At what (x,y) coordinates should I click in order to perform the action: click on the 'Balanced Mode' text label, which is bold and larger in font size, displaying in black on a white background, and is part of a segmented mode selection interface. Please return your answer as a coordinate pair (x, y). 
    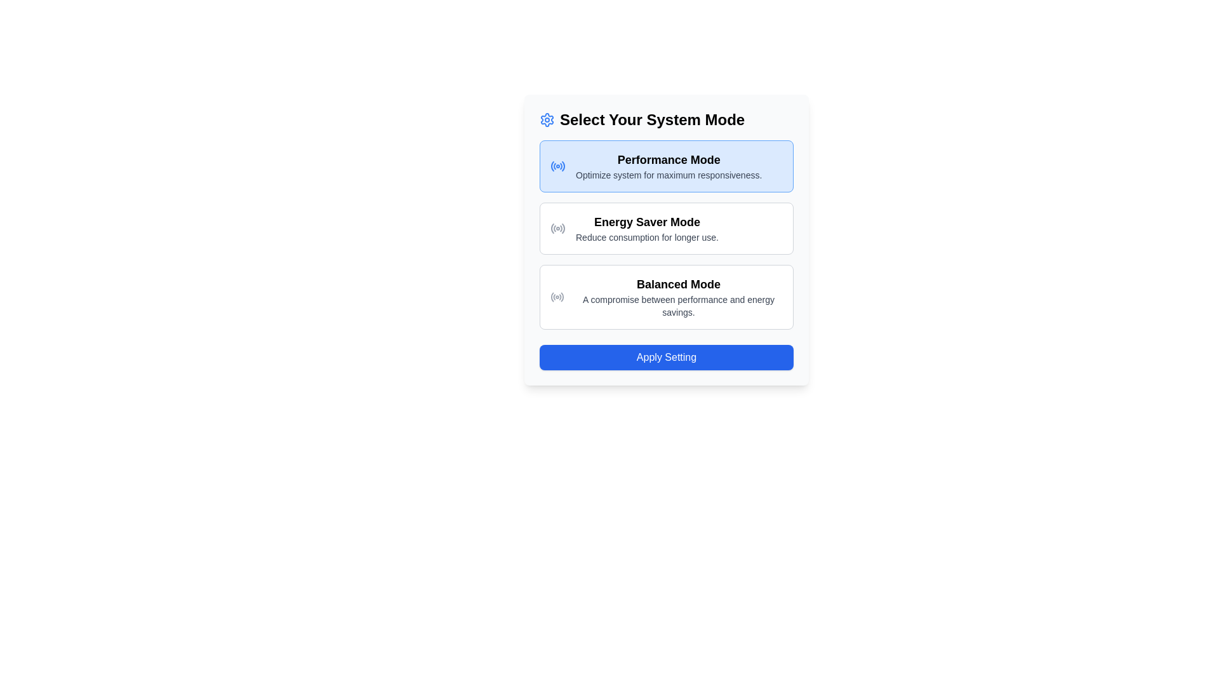
    Looking at the image, I should click on (678, 283).